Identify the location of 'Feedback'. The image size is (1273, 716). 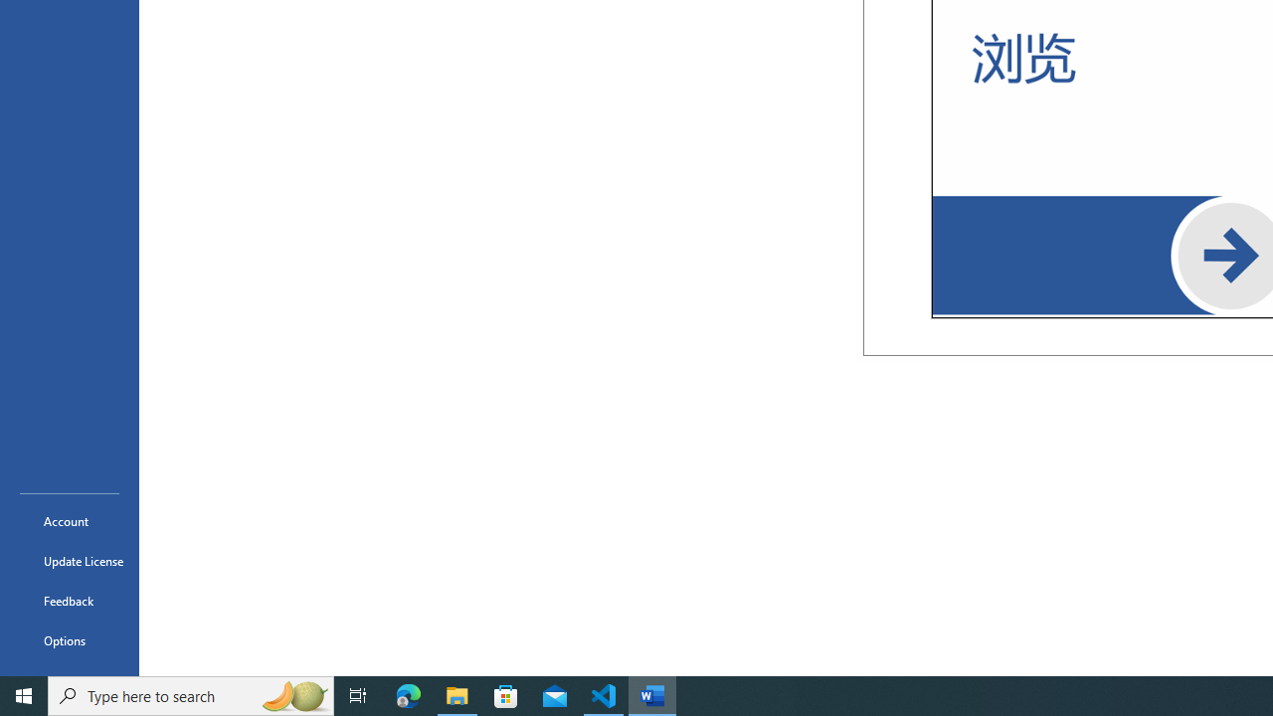
(69, 600).